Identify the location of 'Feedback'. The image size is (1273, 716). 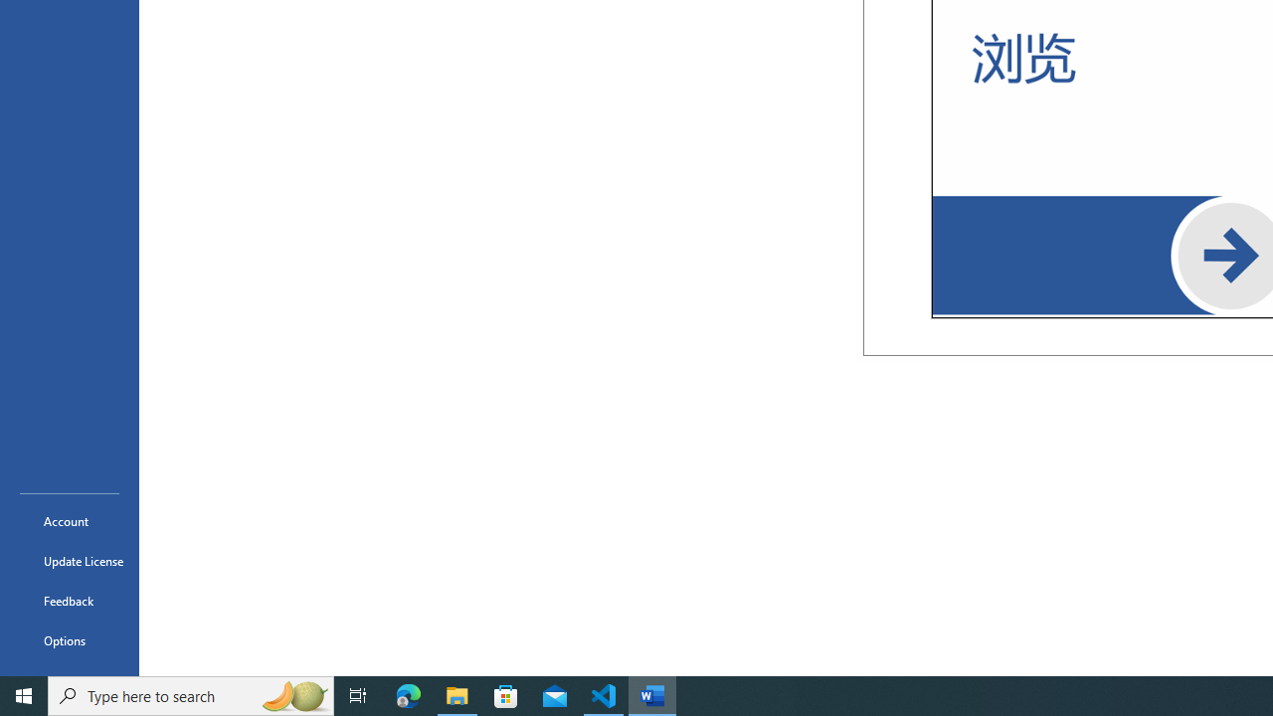
(69, 600).